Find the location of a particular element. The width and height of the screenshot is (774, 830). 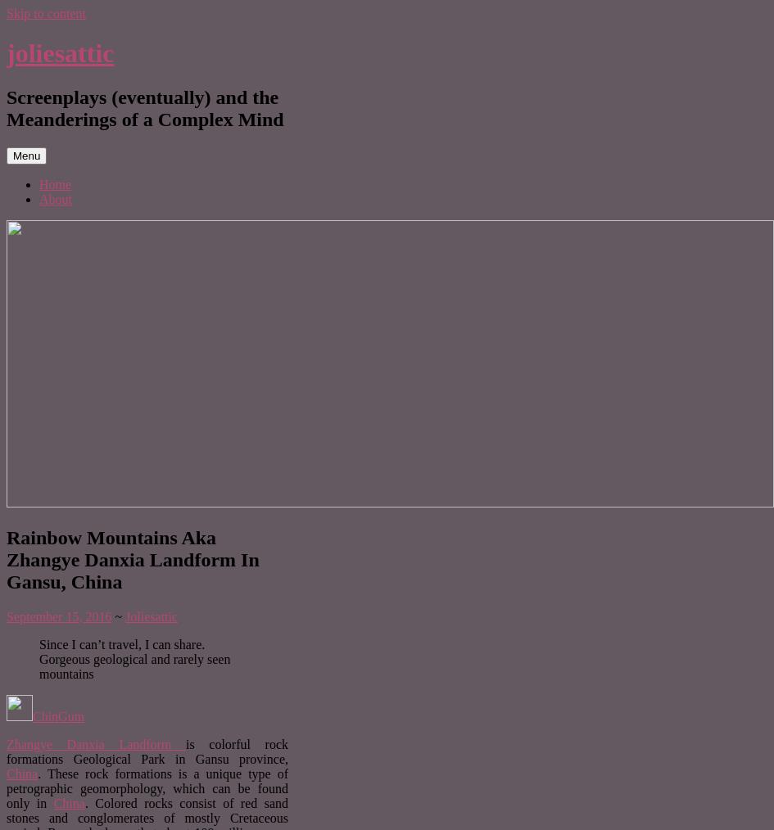

'Menu' is located at coordinates (12, 154).